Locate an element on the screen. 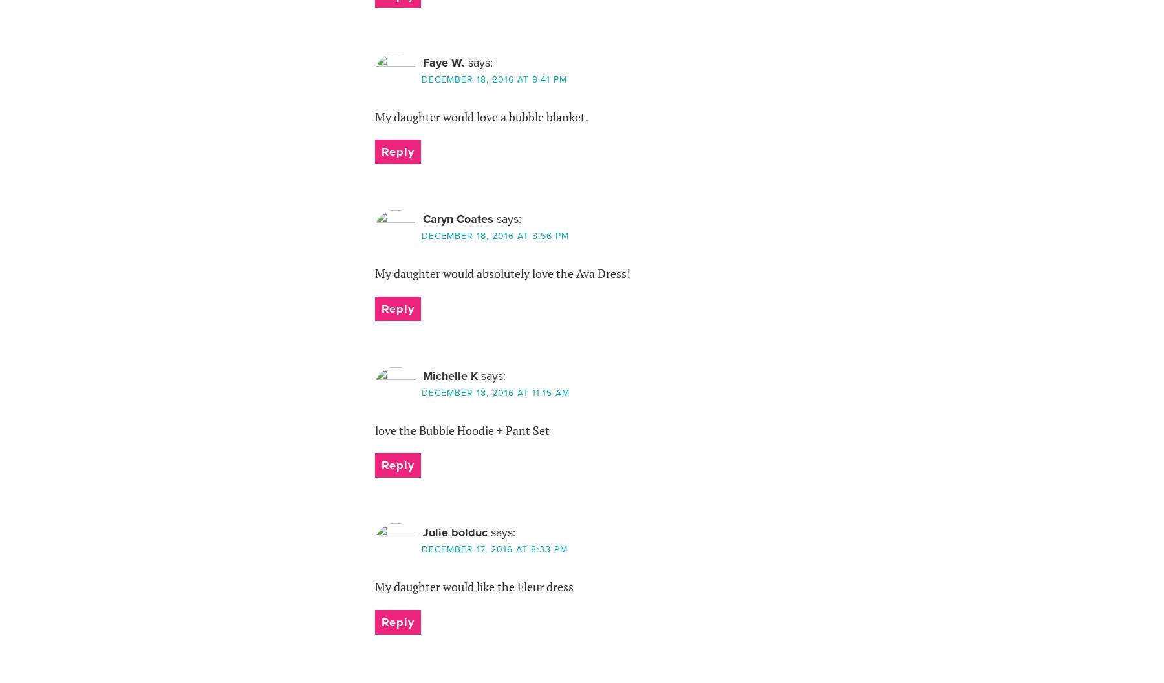 This screenshot has height=683, width=1164. 'December 18, 2016 at 11:15 am' is located at coordinates (494, 392).